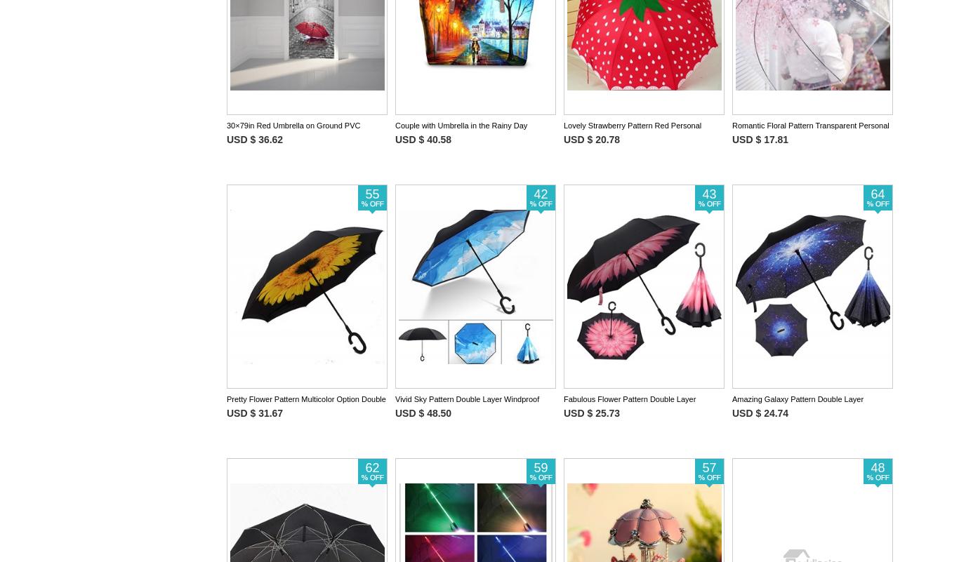  I want to click on '43', so click(709, 193).